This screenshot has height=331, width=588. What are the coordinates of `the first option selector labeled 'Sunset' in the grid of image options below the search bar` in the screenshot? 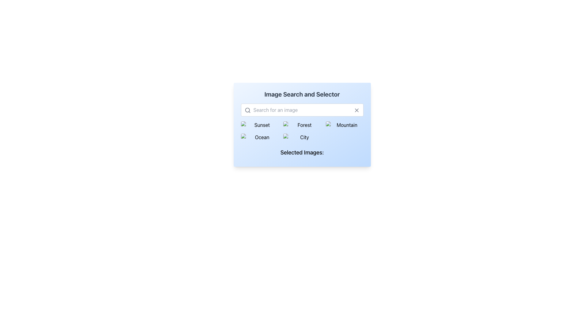 It's located at (259, 125).